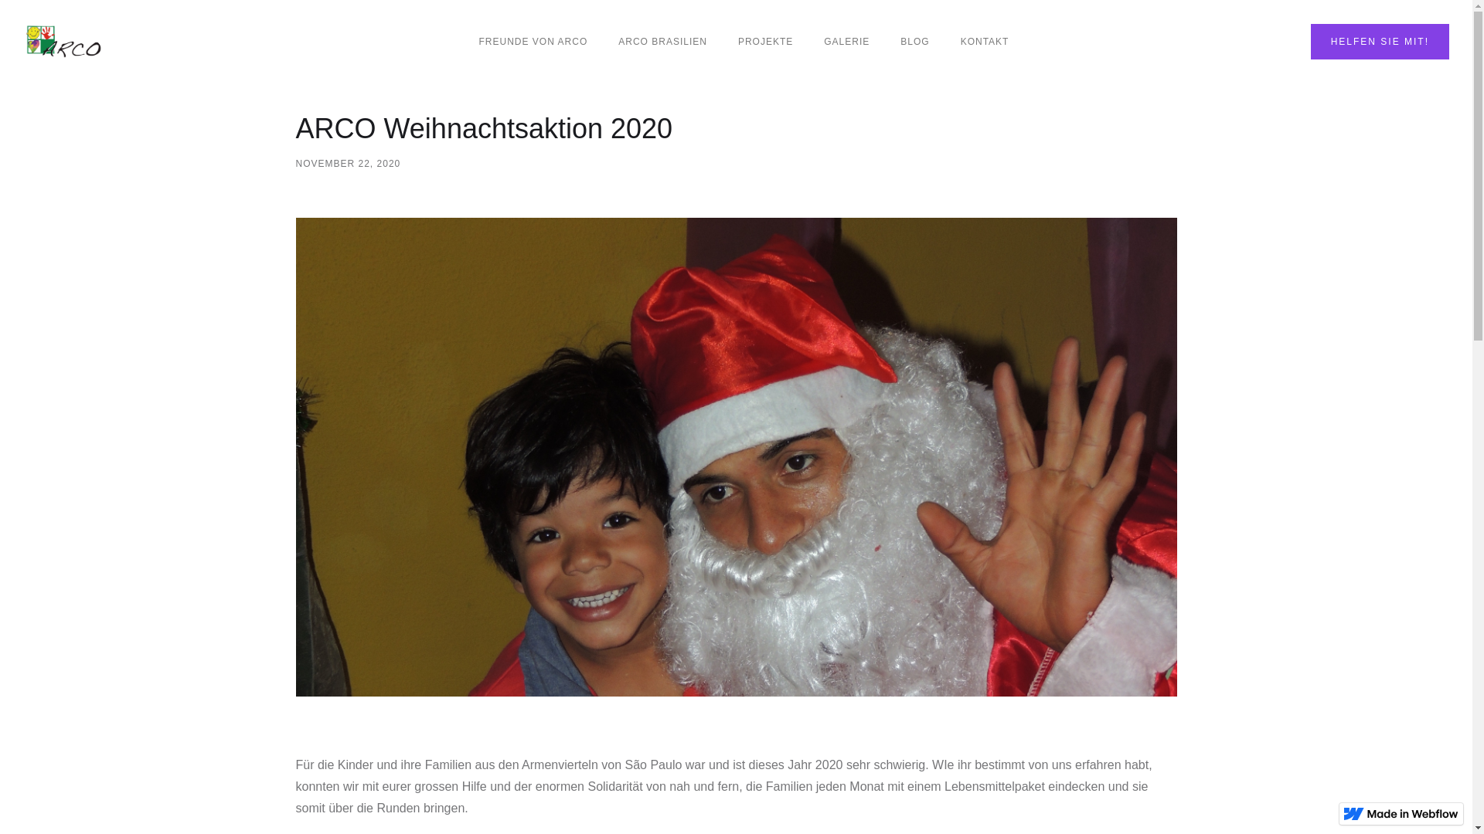  I want to click on 'HELFEN SIE MIT!', so click(1380, 41).